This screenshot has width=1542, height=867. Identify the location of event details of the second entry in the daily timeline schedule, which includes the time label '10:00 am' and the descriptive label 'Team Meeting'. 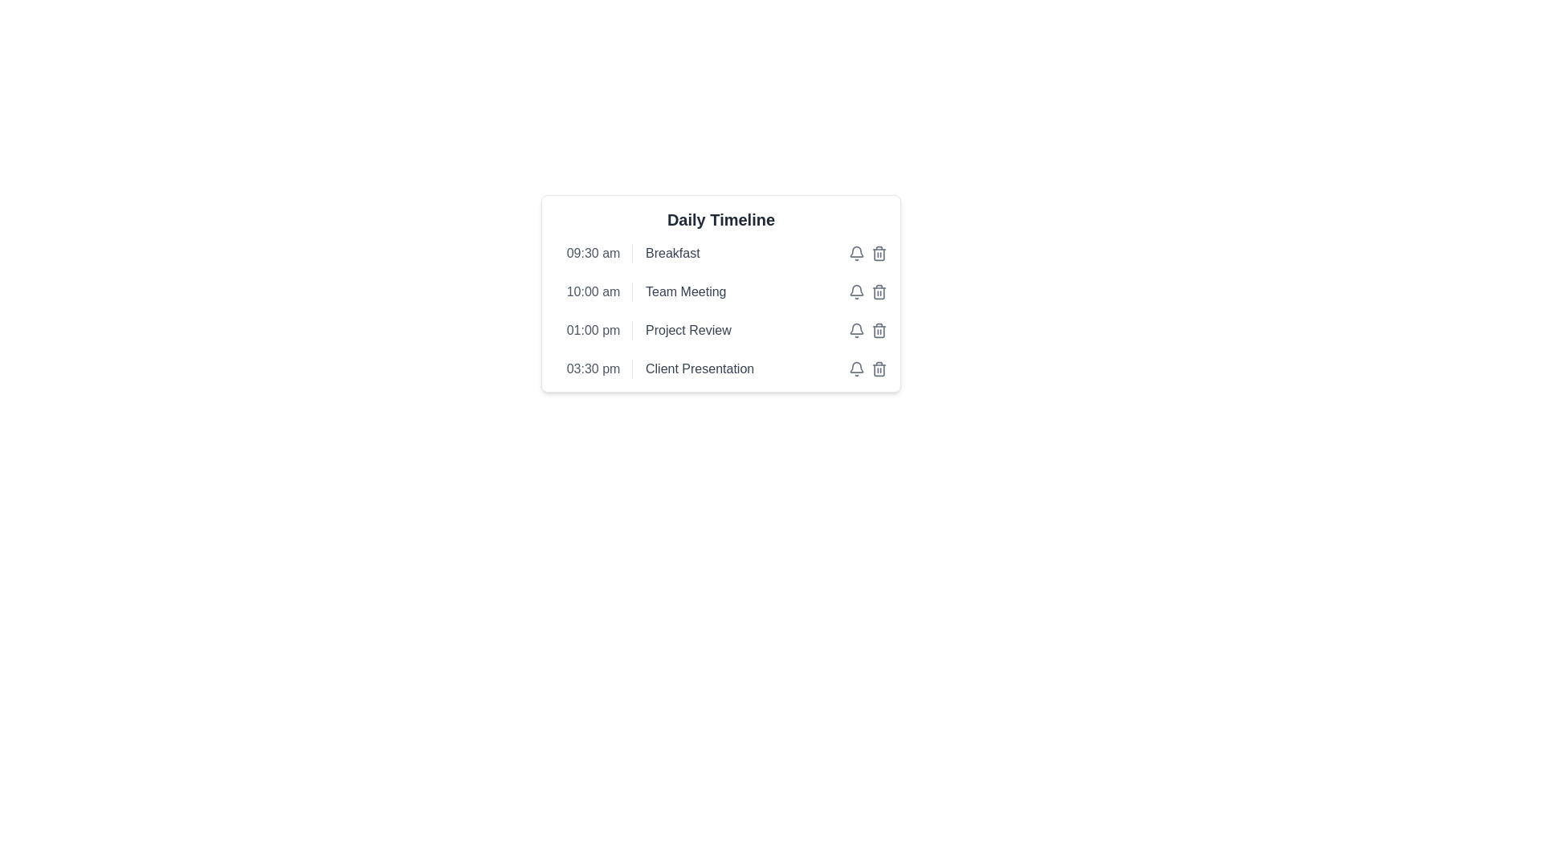
(720, 291).